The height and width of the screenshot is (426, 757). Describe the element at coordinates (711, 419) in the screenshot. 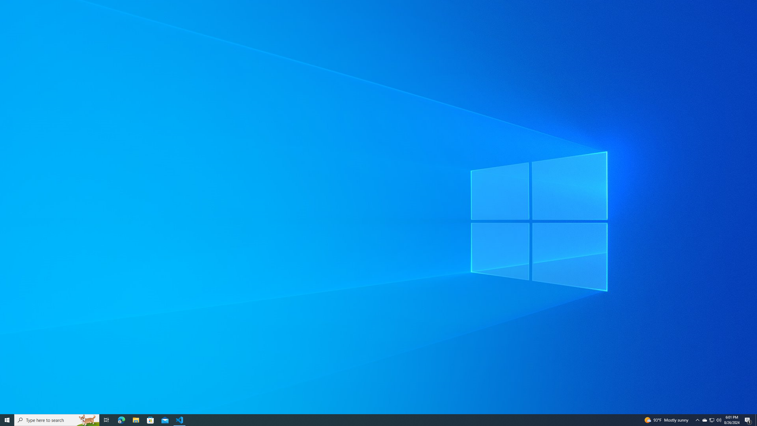

I see `'Action Center, 1 new notification'` at that location.